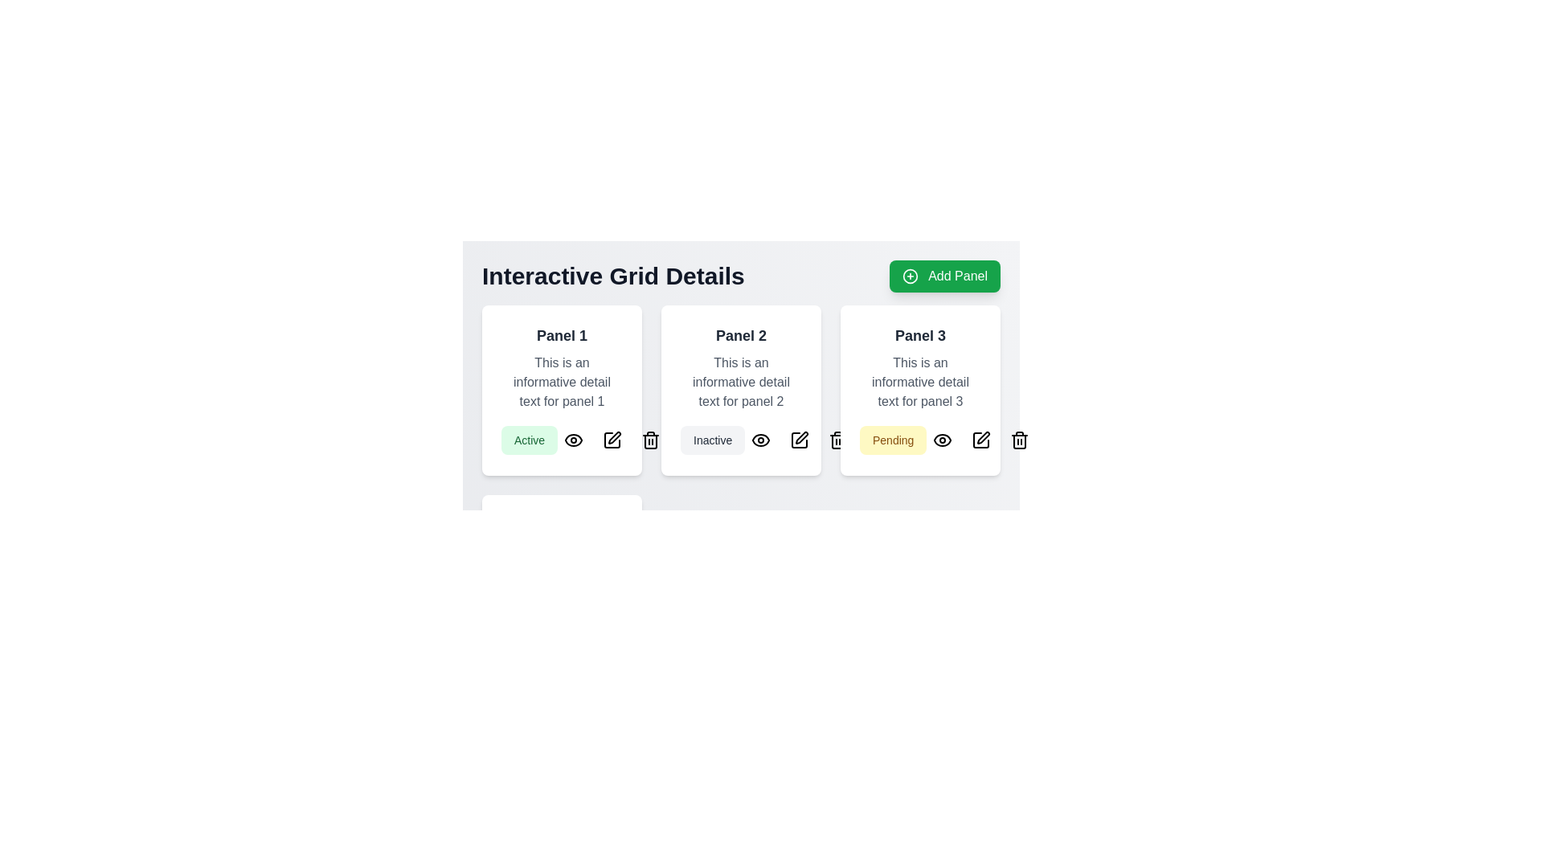 The image size is (1543, 868). I want to click on the button located at the top-right corner of the panel grouping interface, adjacent to the title text 'Interactive Grid Details', so click(945, 275).